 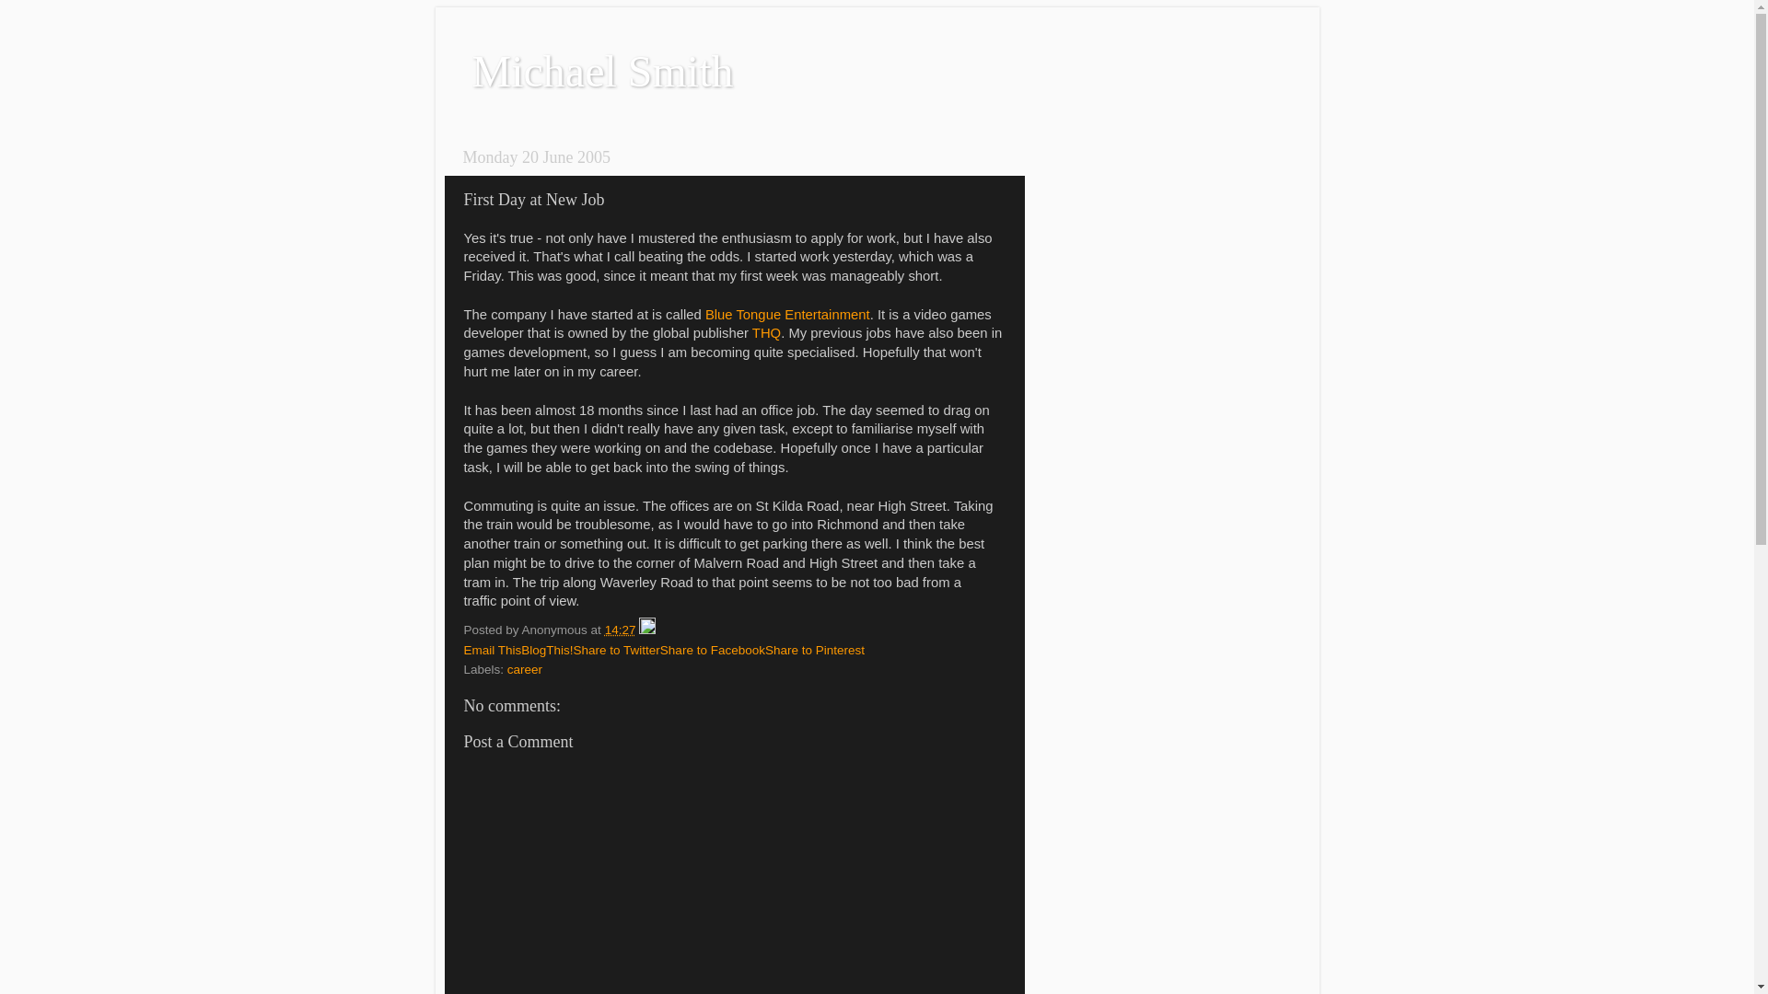 What do you see at coordinates (546, 649) in the screenshot?
I see `'BlogThis!'` at bounding box center [546, 649].